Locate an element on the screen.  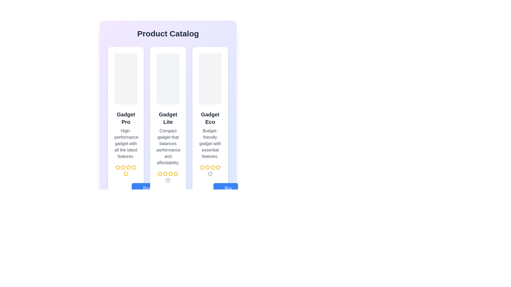
the fifth star-shaped SVG graphic with a yellow border under the 'Gadget Pro' section in the product card is located at coordinates (134, 167).